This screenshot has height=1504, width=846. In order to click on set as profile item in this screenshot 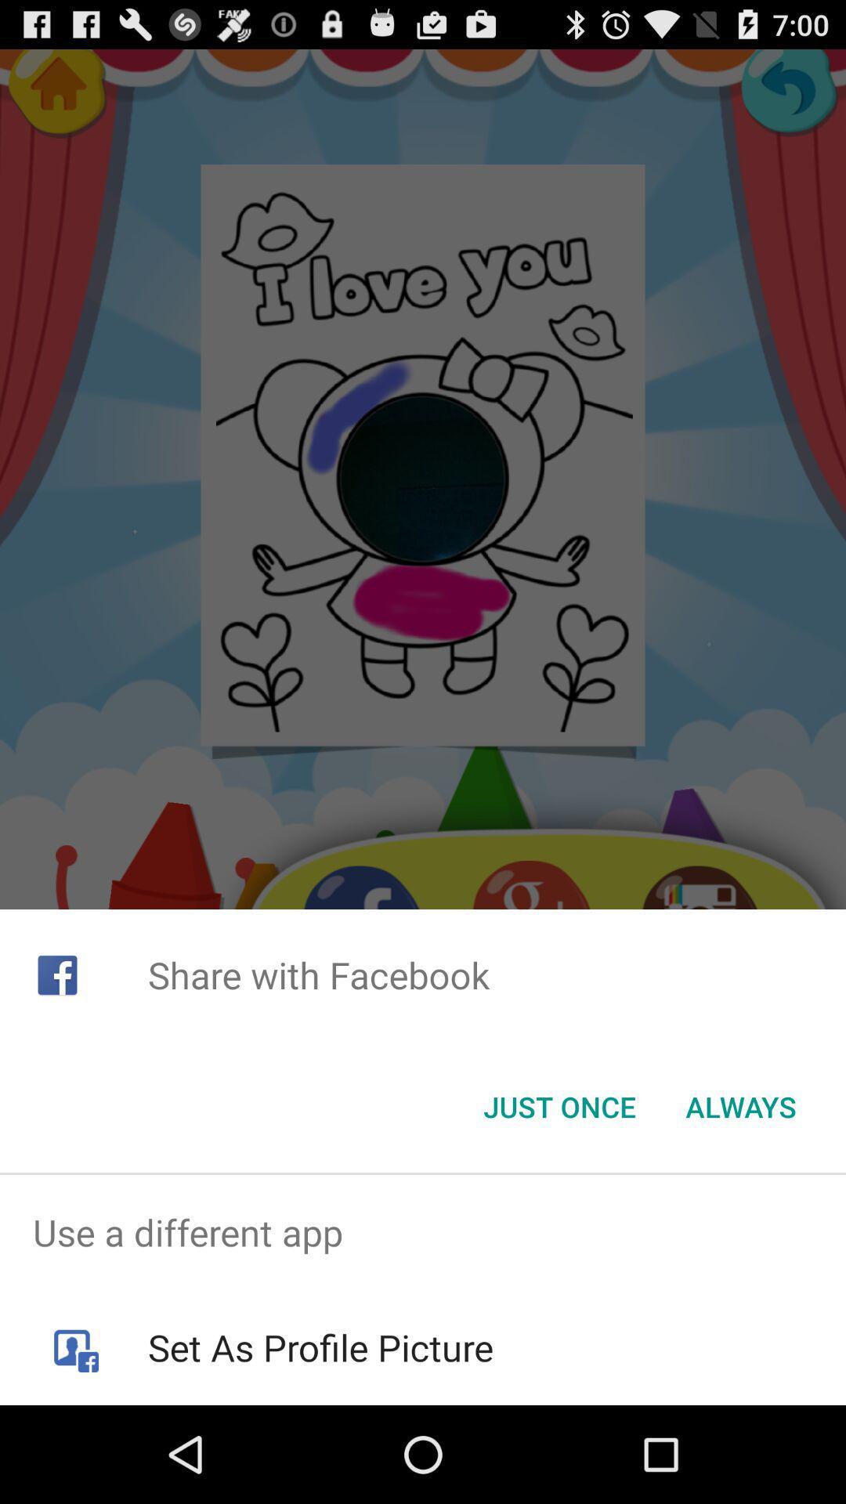, I will do `click(320, 1347)`.